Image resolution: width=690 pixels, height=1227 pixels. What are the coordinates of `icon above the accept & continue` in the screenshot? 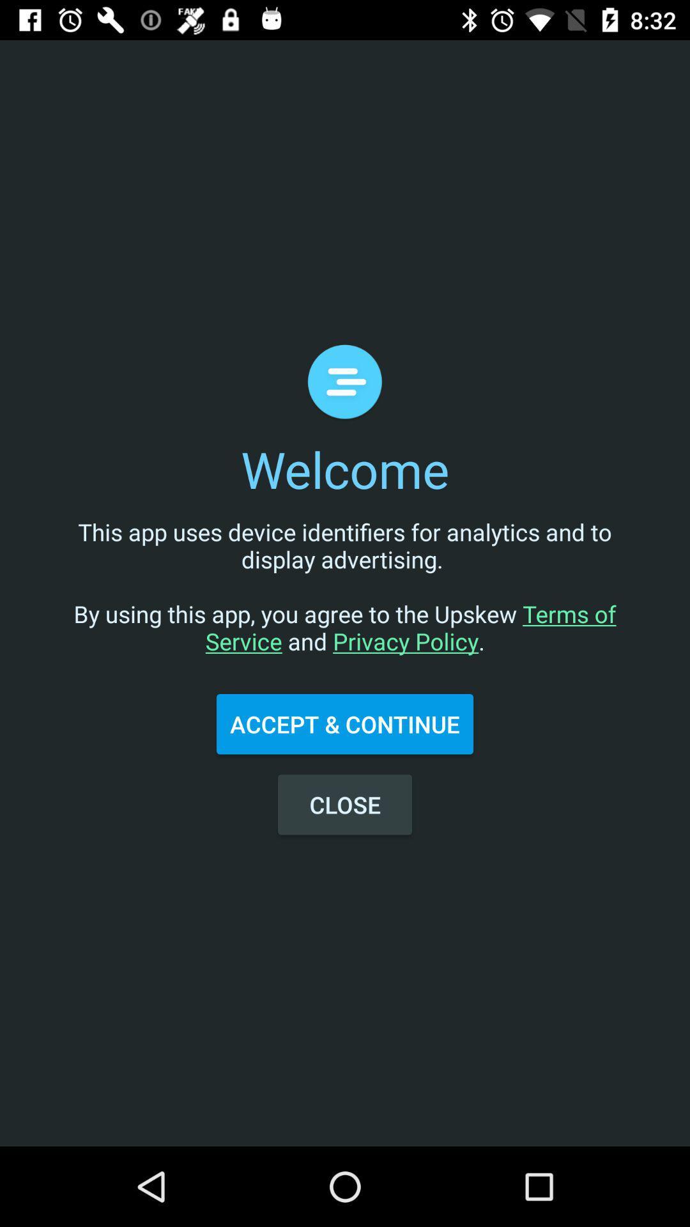 It's located at (345, 599).